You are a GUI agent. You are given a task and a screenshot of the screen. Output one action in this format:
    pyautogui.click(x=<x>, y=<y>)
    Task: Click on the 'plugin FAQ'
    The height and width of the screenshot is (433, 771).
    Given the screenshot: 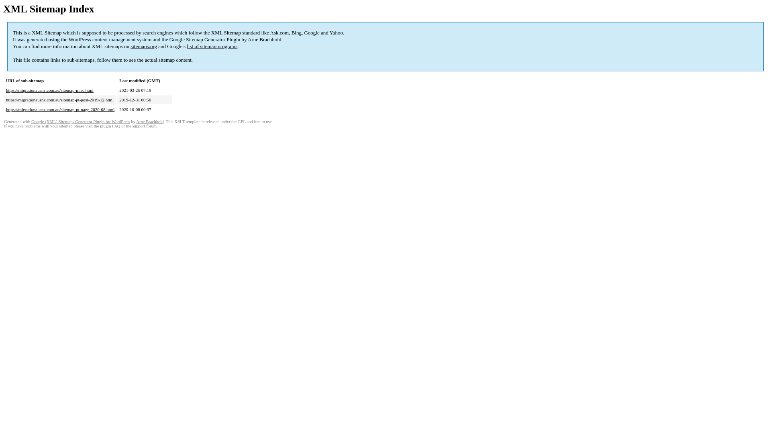 What is the action you would take?
    pyautogui.click(x=109, y=126)
    